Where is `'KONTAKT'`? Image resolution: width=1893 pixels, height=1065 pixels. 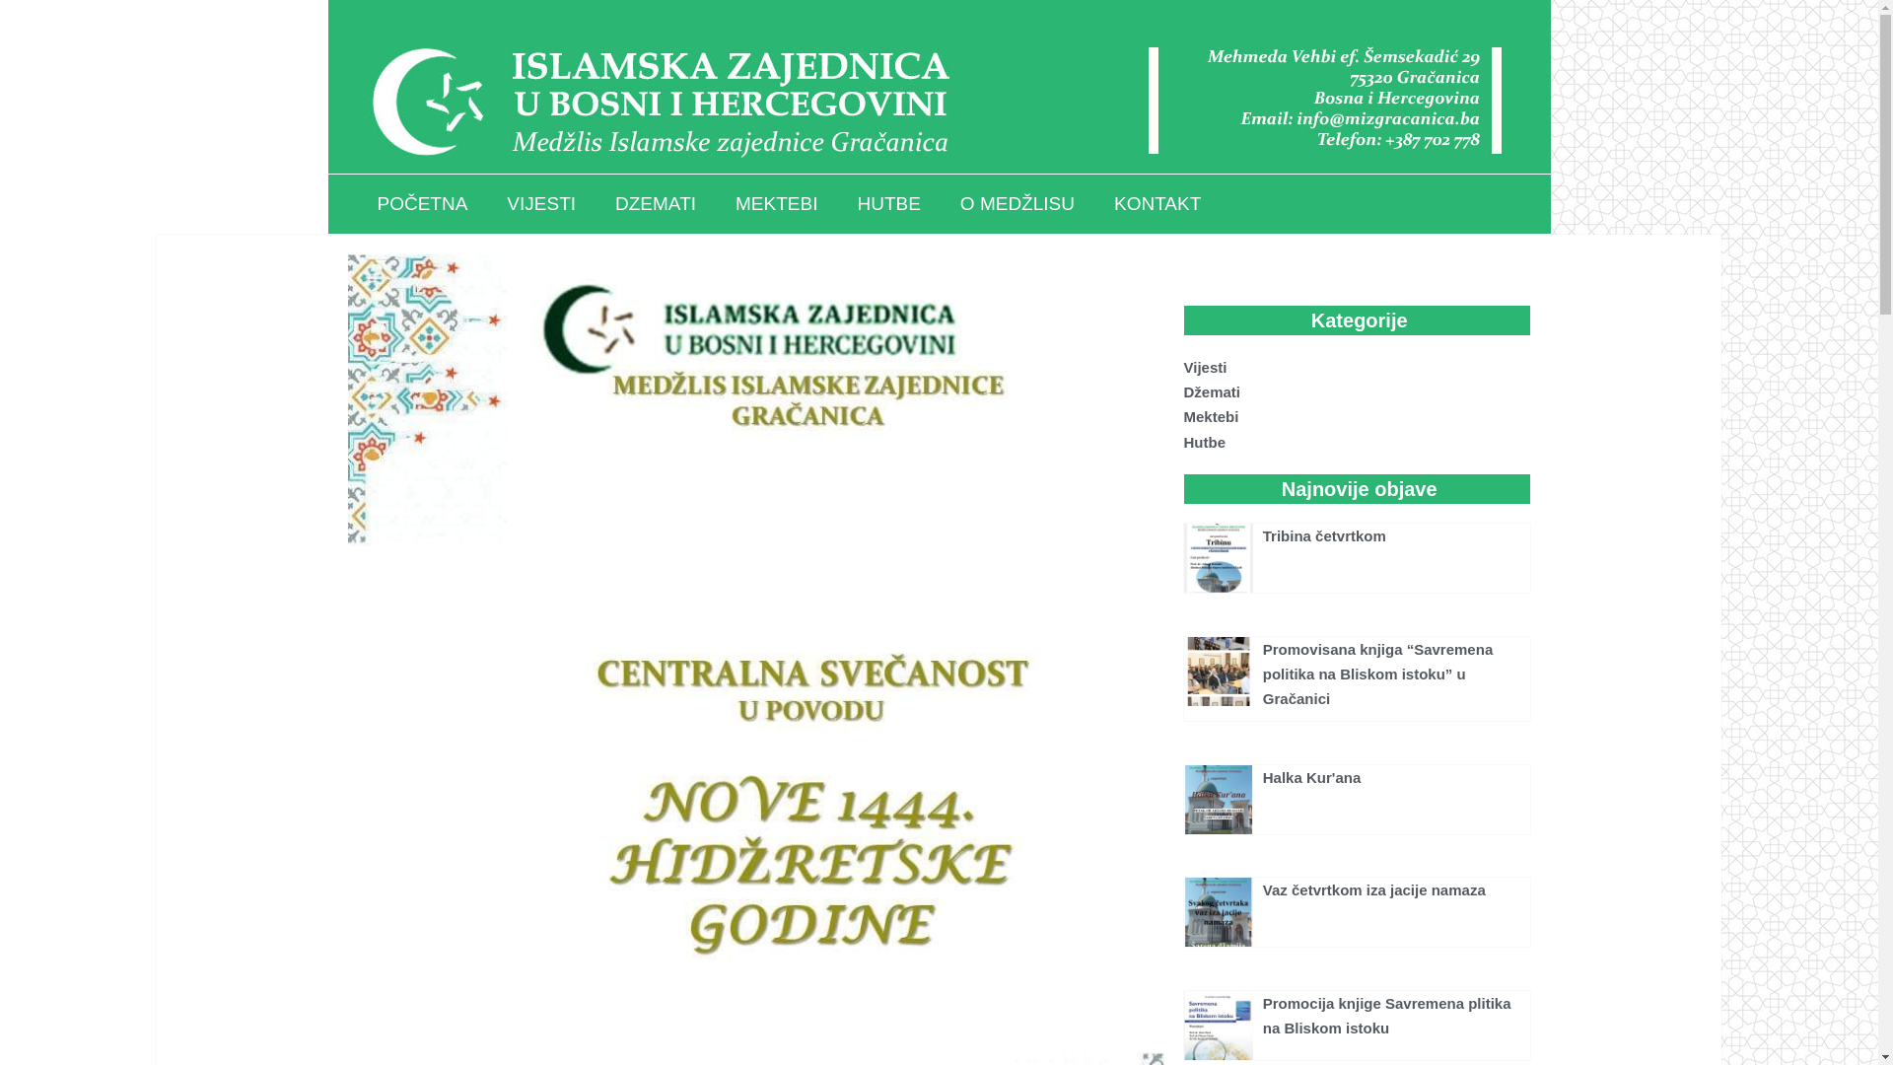
'KONTAKT' is located at coordinates (1157, 204).